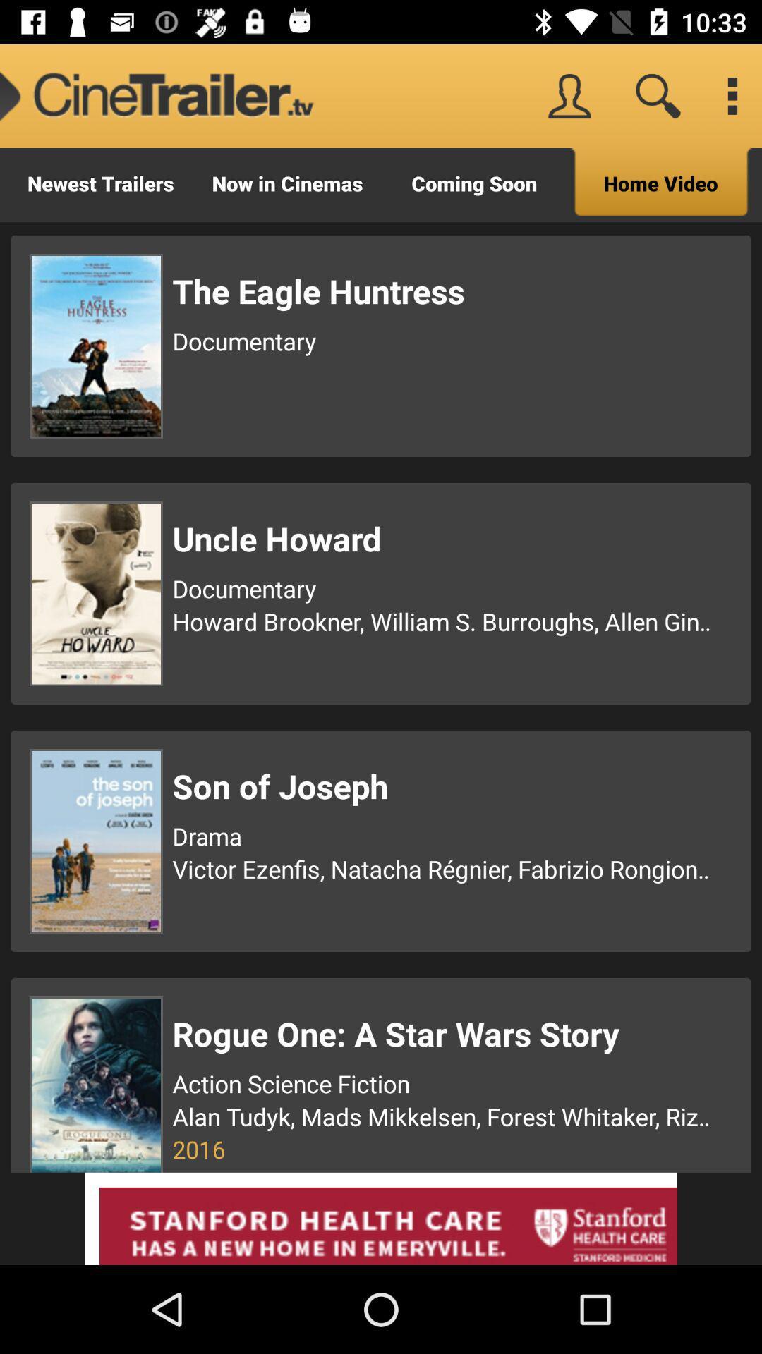 The width and height of the screenshot is (762, 1354). What do you see at coordinates (381, 1218) in the screenshot?
I see `click the blinking box if you would like to learn more about stanford health care` at bounding box center [381, 1218].